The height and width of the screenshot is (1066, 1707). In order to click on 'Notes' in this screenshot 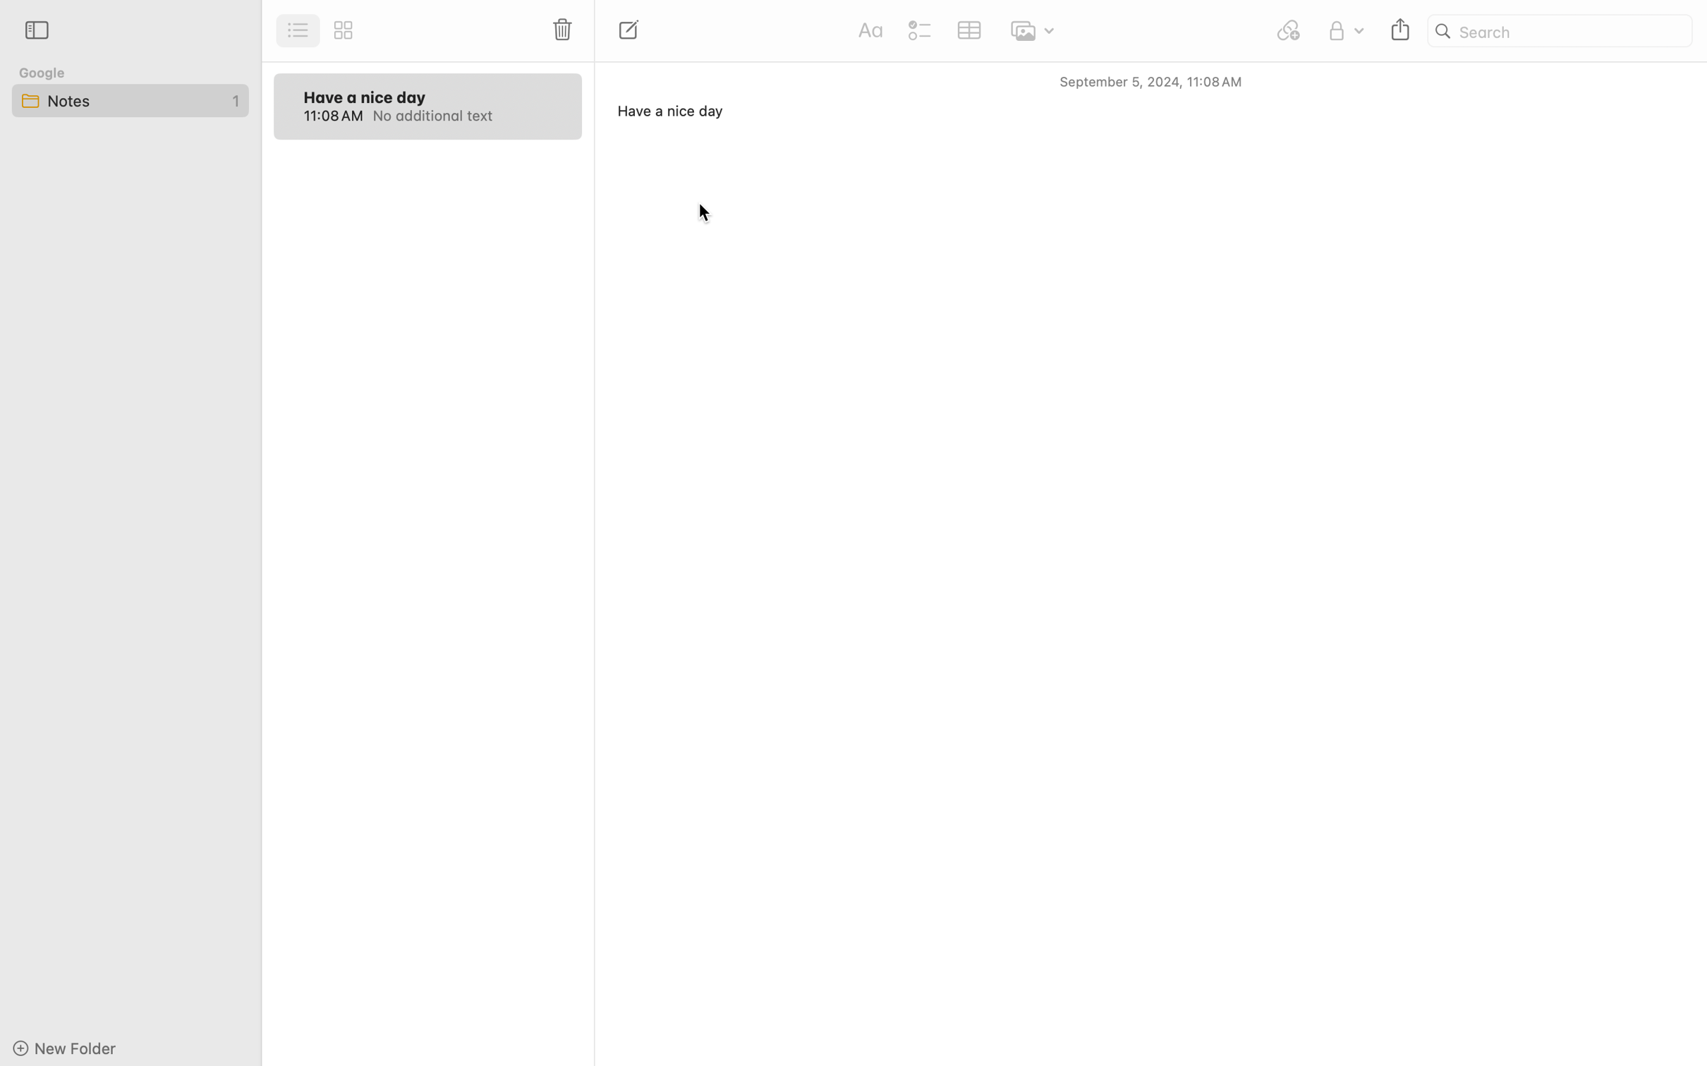, I will do `click(128, 99)`.